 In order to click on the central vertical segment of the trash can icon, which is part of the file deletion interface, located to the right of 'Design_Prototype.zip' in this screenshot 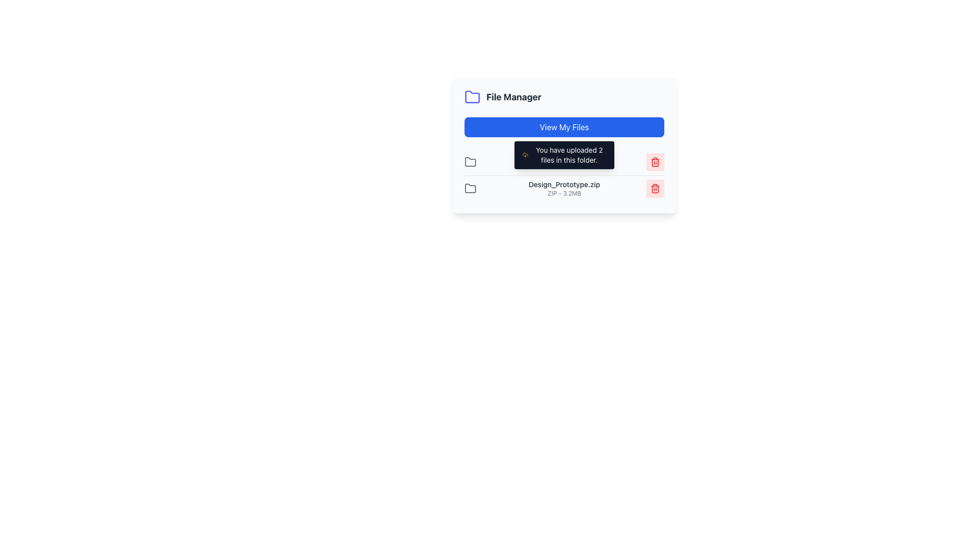, I will do `click(655, 189)`.